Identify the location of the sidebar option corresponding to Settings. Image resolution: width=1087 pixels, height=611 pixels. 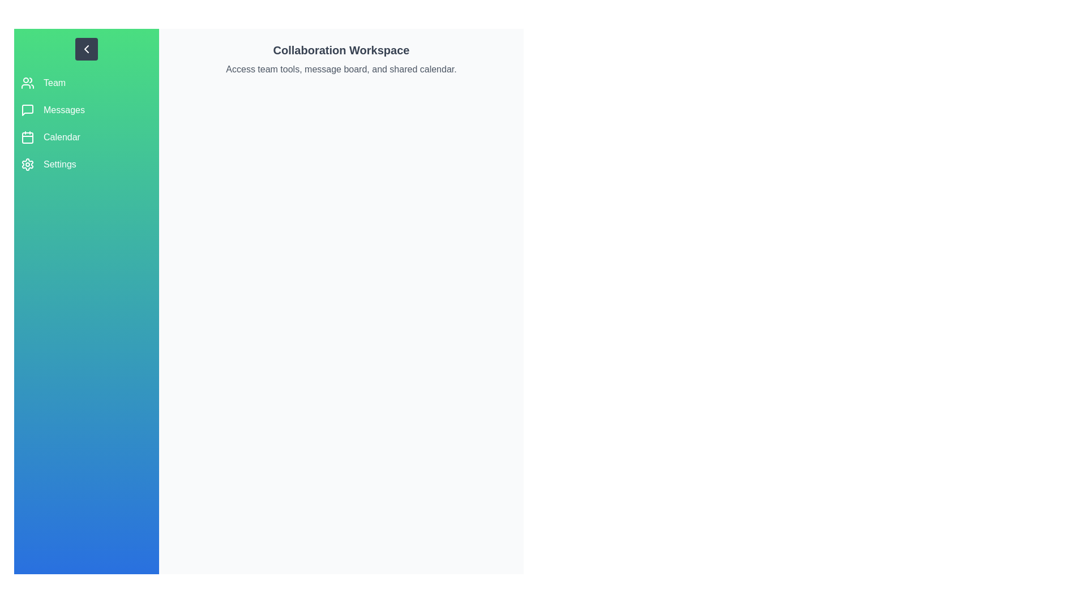
(86, 164).